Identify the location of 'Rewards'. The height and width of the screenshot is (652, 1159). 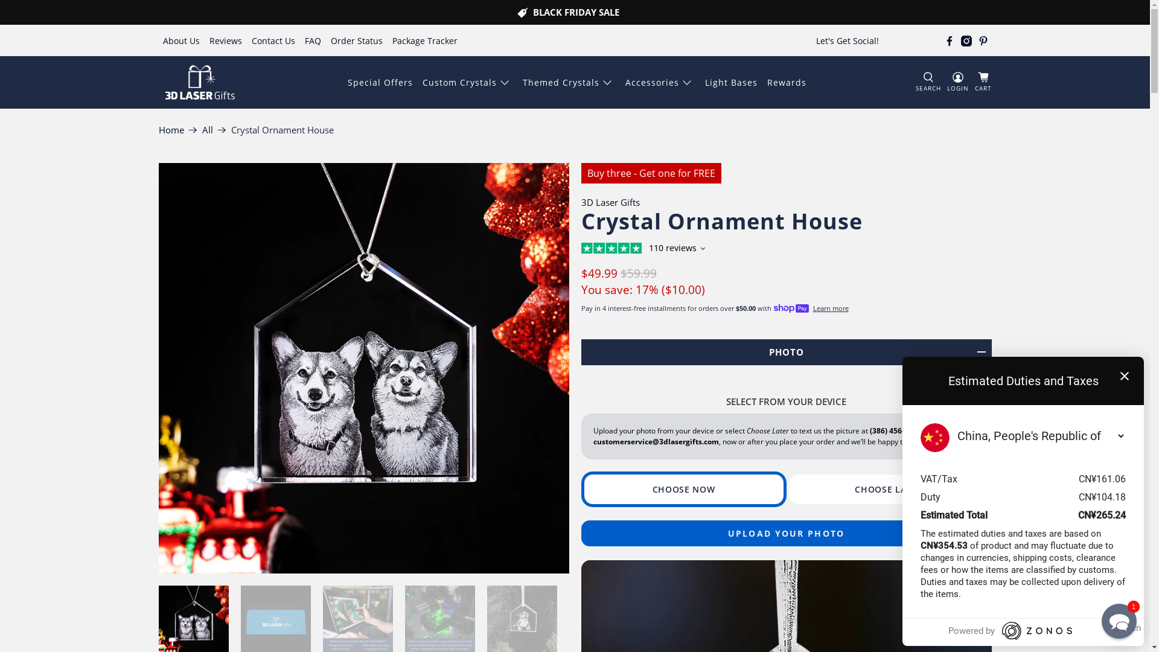
(787, 81).